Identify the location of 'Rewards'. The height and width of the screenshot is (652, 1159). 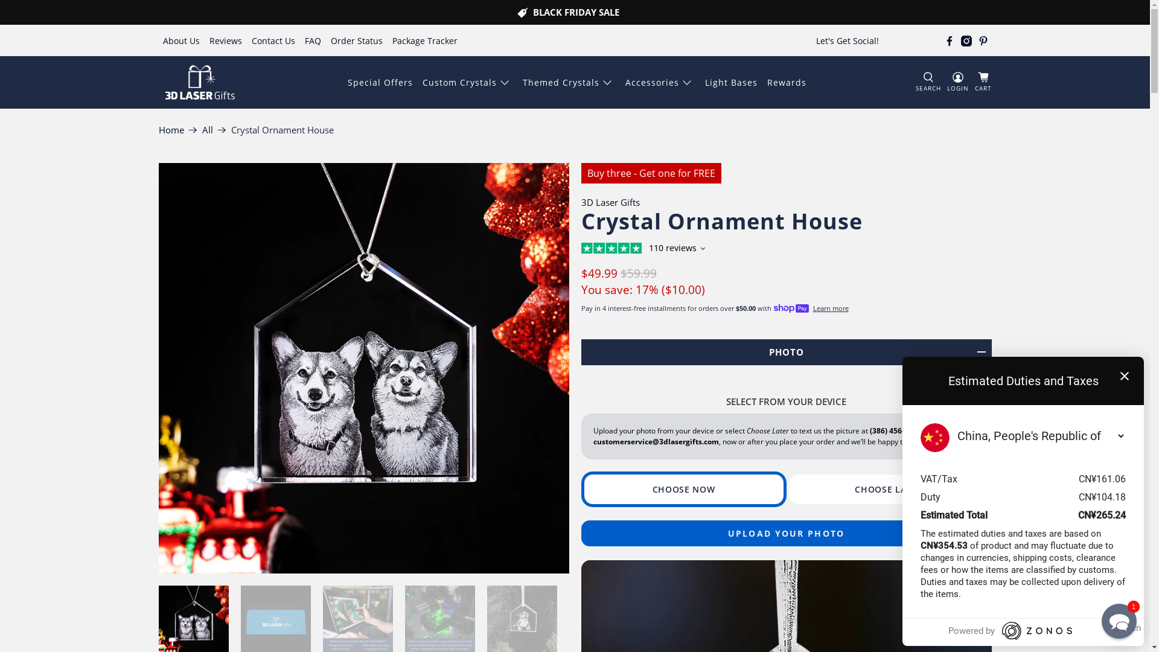
(787, 81).